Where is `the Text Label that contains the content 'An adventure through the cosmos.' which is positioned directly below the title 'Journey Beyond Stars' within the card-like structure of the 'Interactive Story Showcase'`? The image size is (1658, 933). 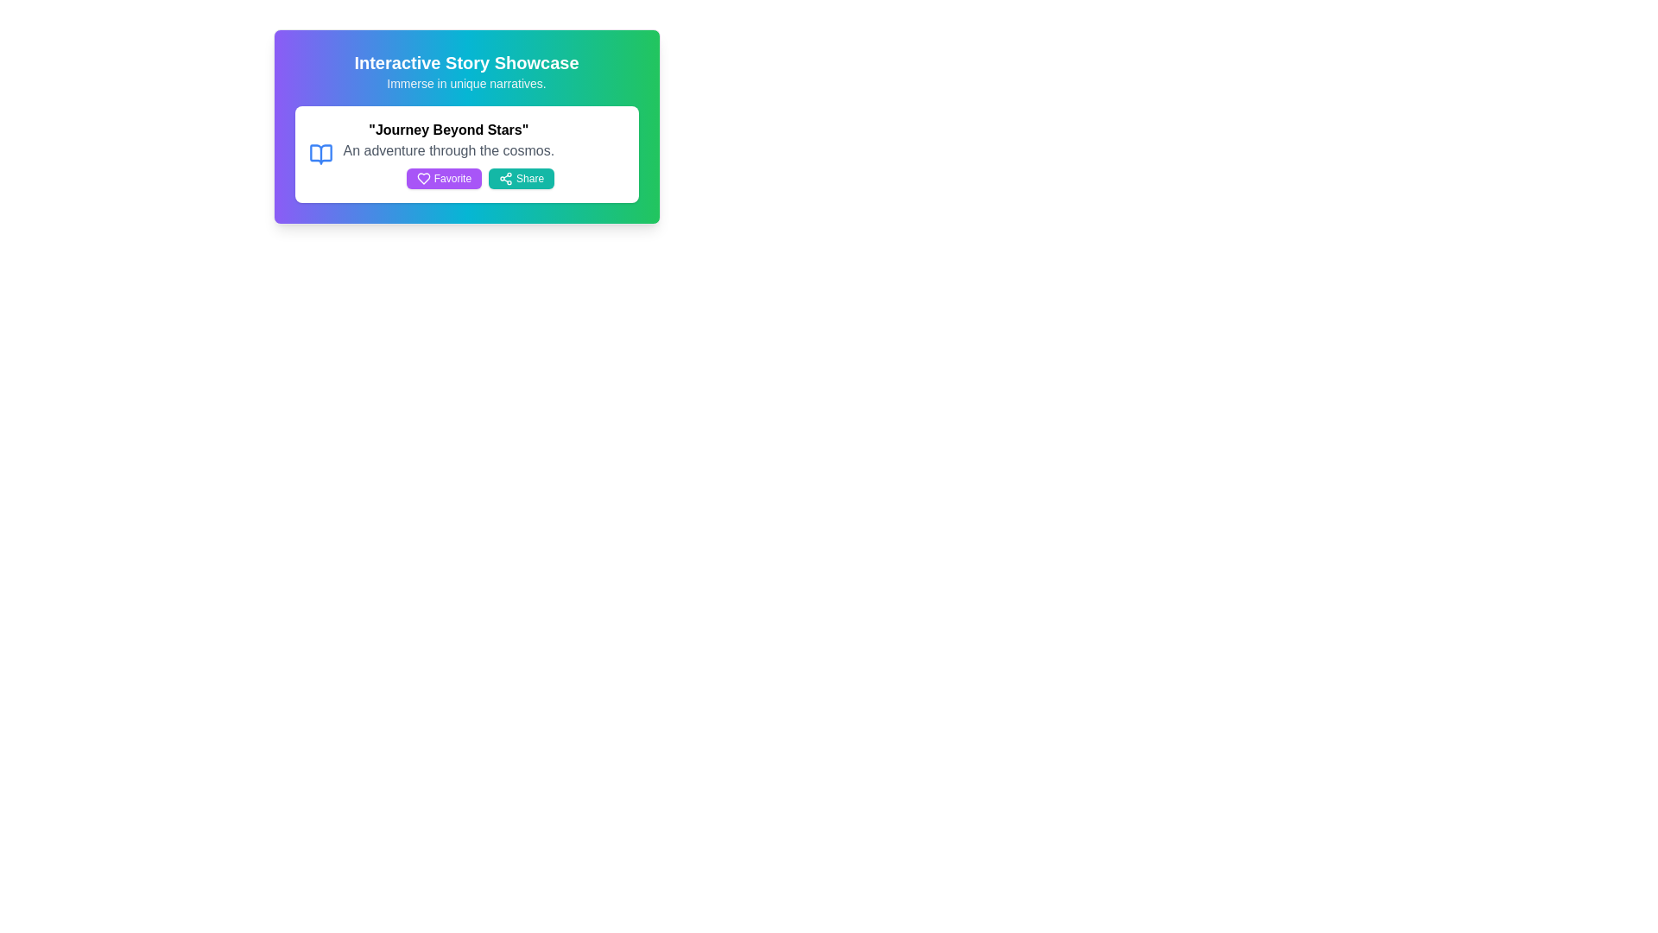 the Text Label that contains the content 'An adventure through the cosmos.' which is positioned directly below the title 'Journey Beyond Stars' within the card-like structure of the 'Interactive Story Showcase' is located at coordinates (448, 149).